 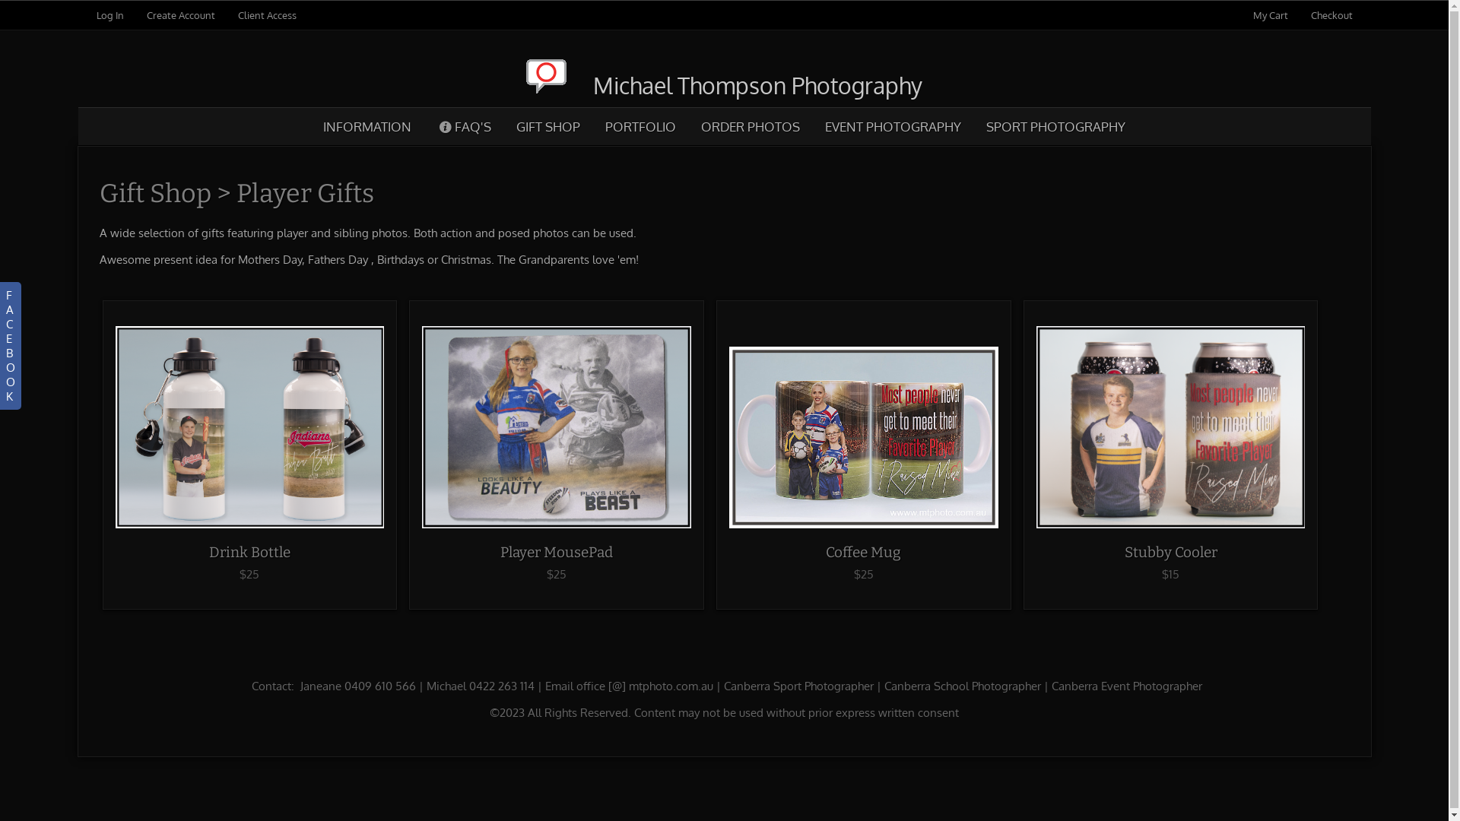 What do you see at coordinates (154, 192) in the screenshot?
I see `'Gift Shop'` at bounding box center [154, 192].